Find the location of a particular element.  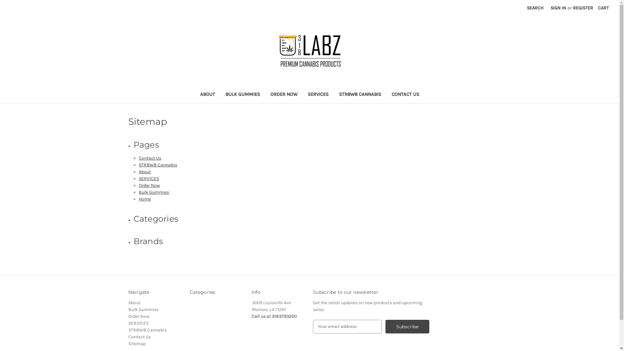

'About' is located at coordinates (134, 303).